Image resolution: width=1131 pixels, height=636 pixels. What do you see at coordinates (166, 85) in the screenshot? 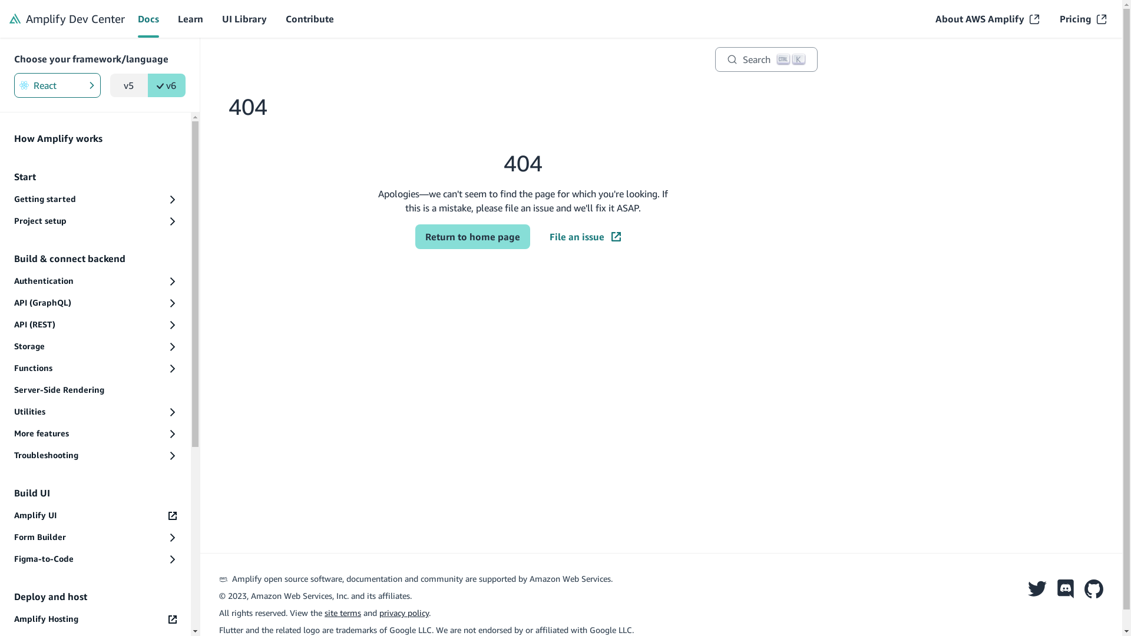
I see `'v6'` at bounding box center [166, 85].